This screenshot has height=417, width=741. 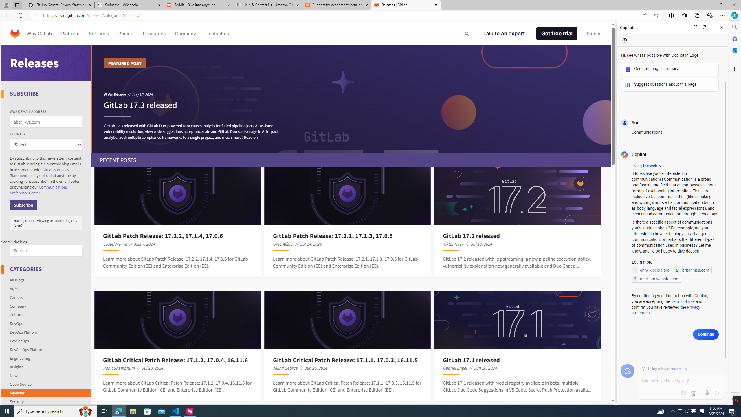 What do you see at coordinates (20, 384) in the screenshot?
I see `'Open Source'` at bounding box center [20, 384].